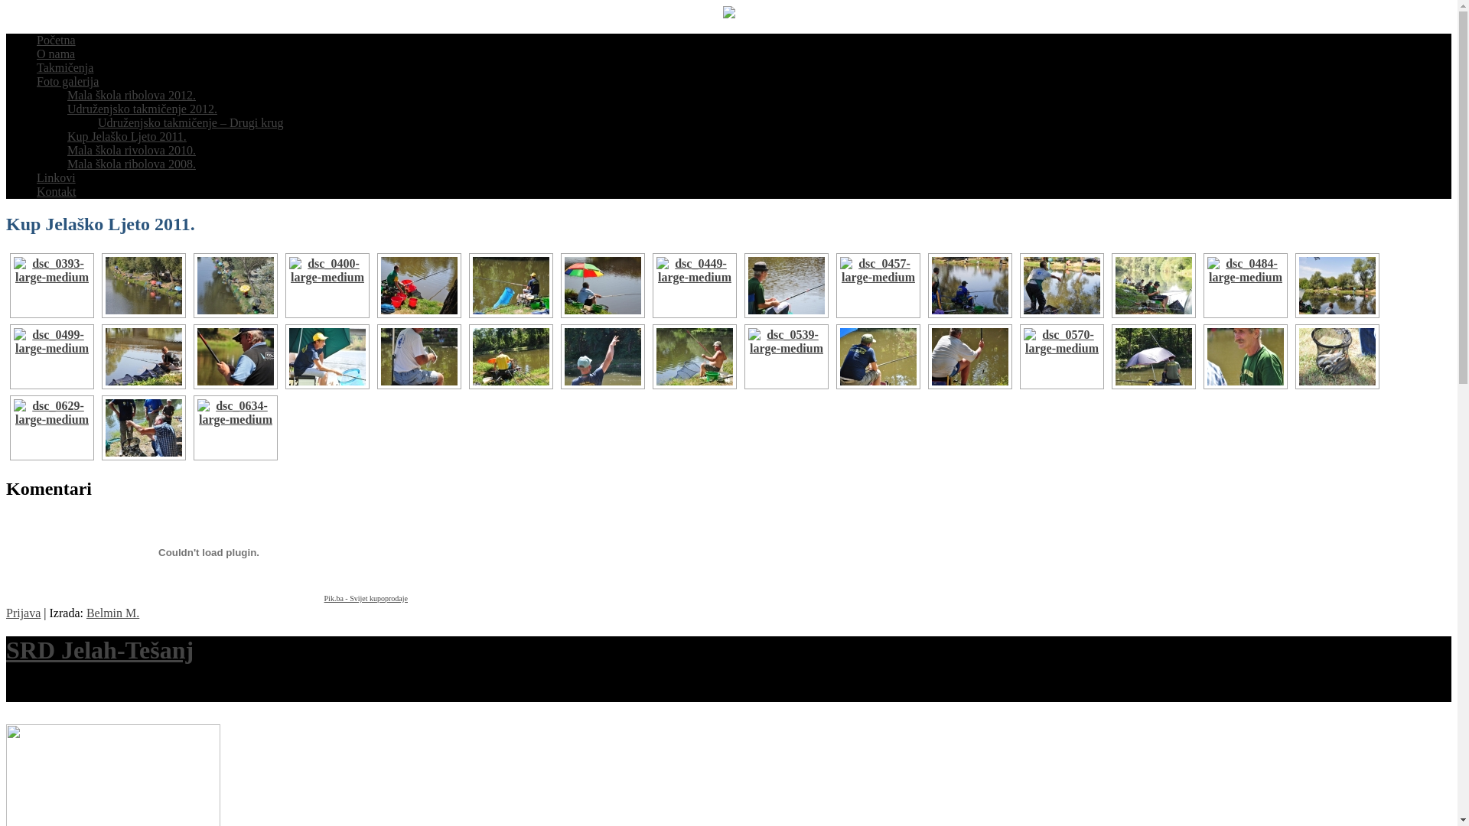 This screenshot has height=826, width=1469. What do you see at coordinates (51, 356) in the screenshot?
I see `'dsc_0499-large-medium'` at bounding box center [51, 356].